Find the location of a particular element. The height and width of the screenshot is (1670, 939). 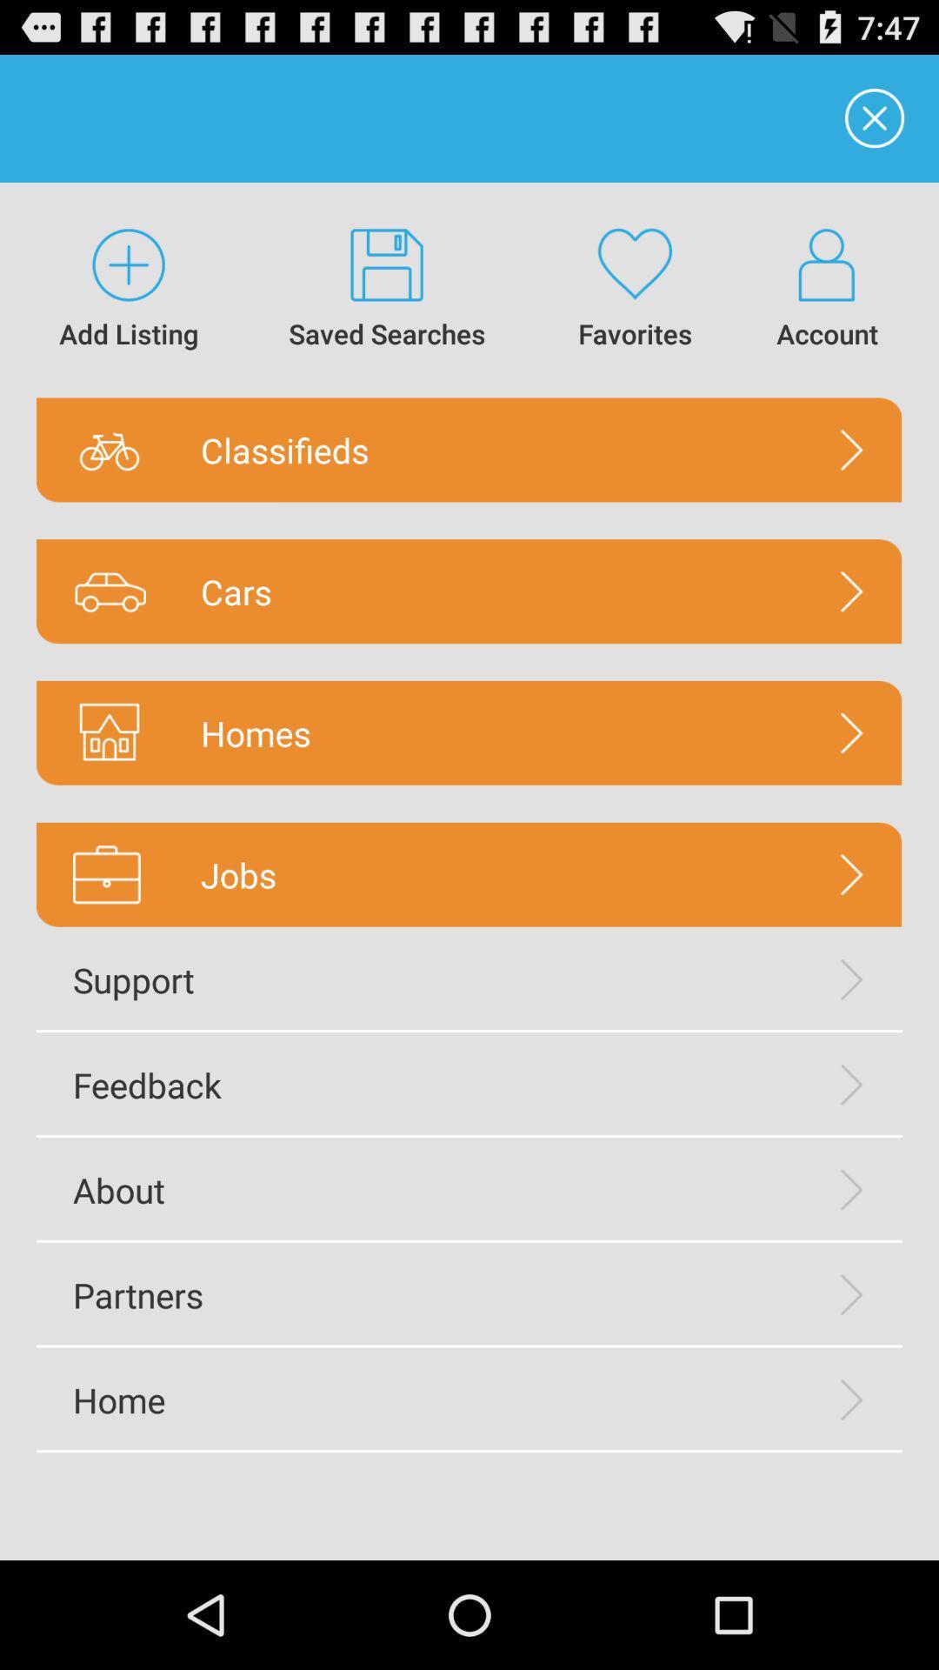

icon next to the favorites icon is located at coordinates (386, 290).